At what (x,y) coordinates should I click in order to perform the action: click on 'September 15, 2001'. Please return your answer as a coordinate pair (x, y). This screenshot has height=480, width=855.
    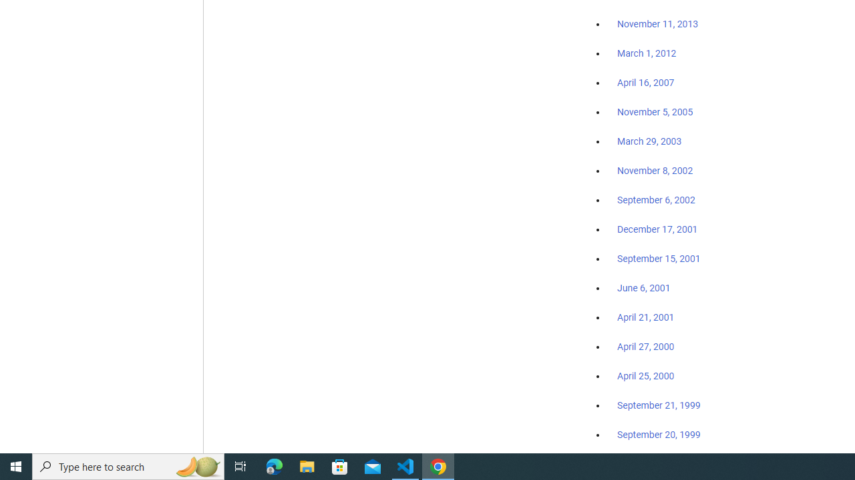
    Looking at the image, I should click on (659, 258).